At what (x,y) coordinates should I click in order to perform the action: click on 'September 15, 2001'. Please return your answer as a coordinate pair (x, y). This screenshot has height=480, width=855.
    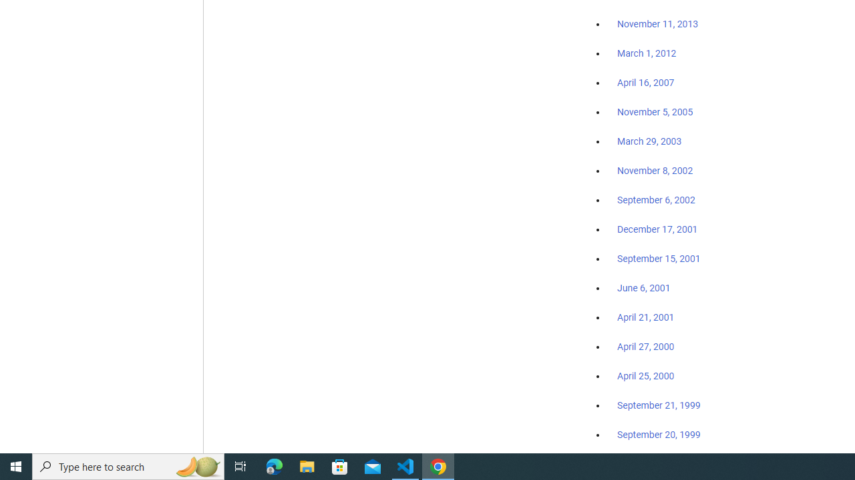
    Looking at the image, I should click on (659, 258).